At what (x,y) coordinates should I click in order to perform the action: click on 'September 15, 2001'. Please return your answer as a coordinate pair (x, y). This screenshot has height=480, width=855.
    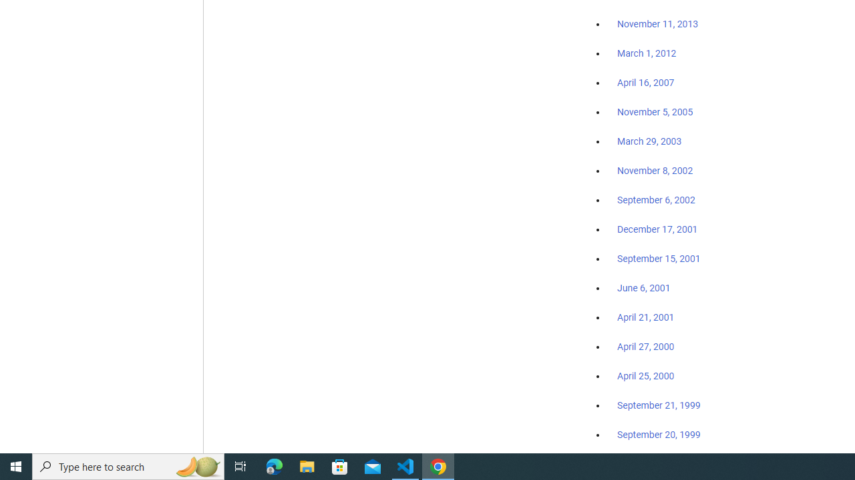
    Looking at the image, I should click on (659, 258).